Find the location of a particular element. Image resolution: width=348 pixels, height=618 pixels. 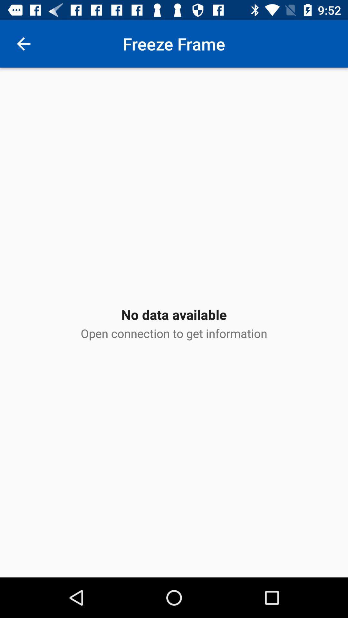

the icon next to freeze frame icon is located at coordinates (23, 43).